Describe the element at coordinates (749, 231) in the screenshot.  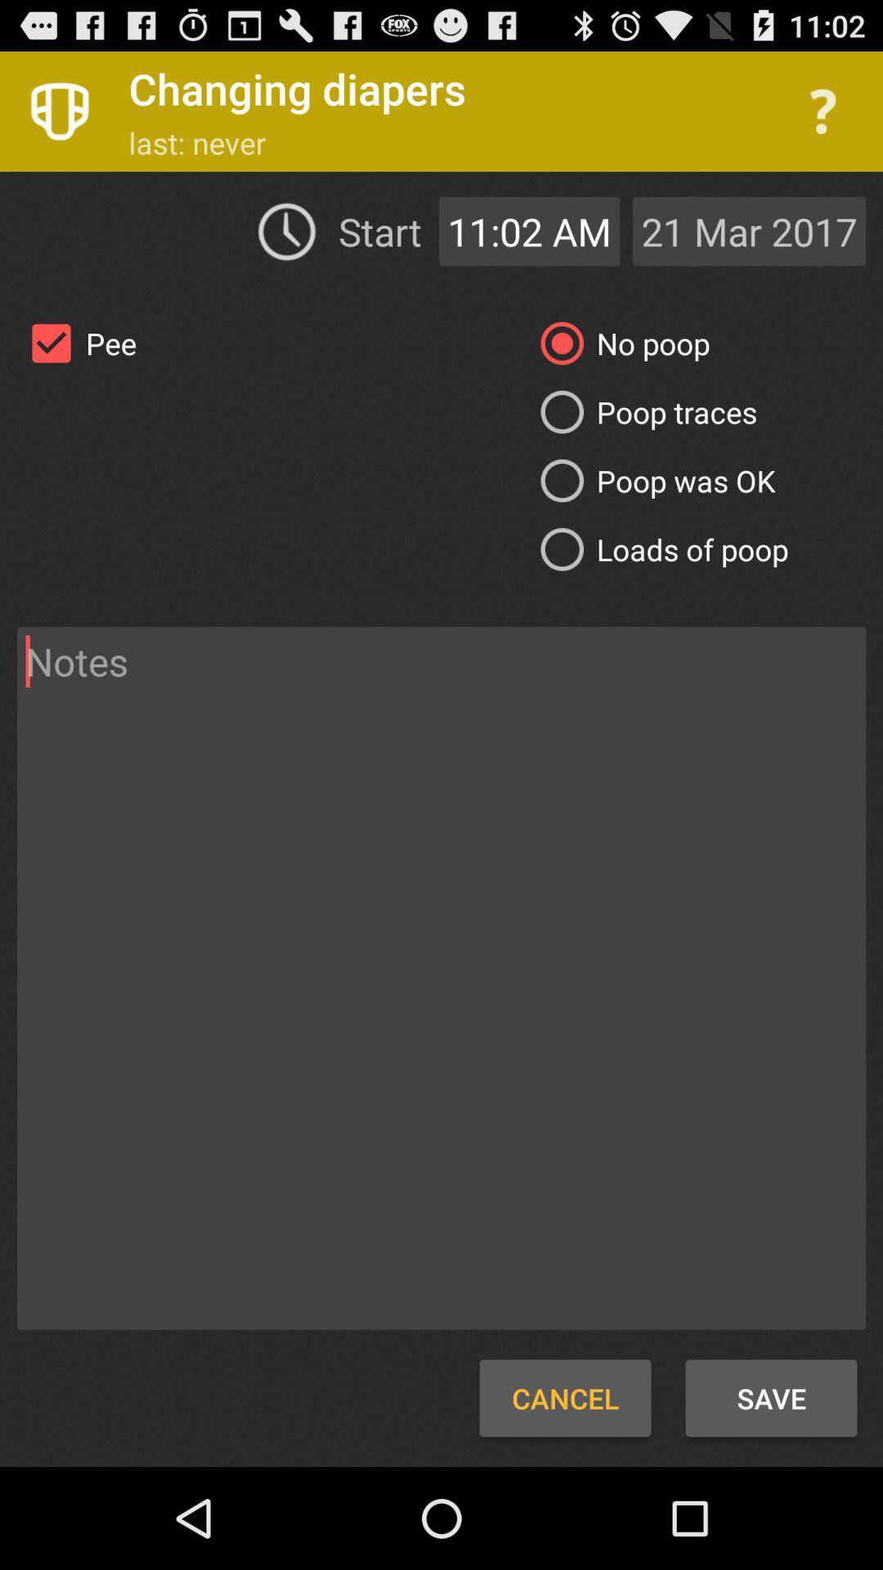
I see `the 21 mar 2017 icon` at that location.